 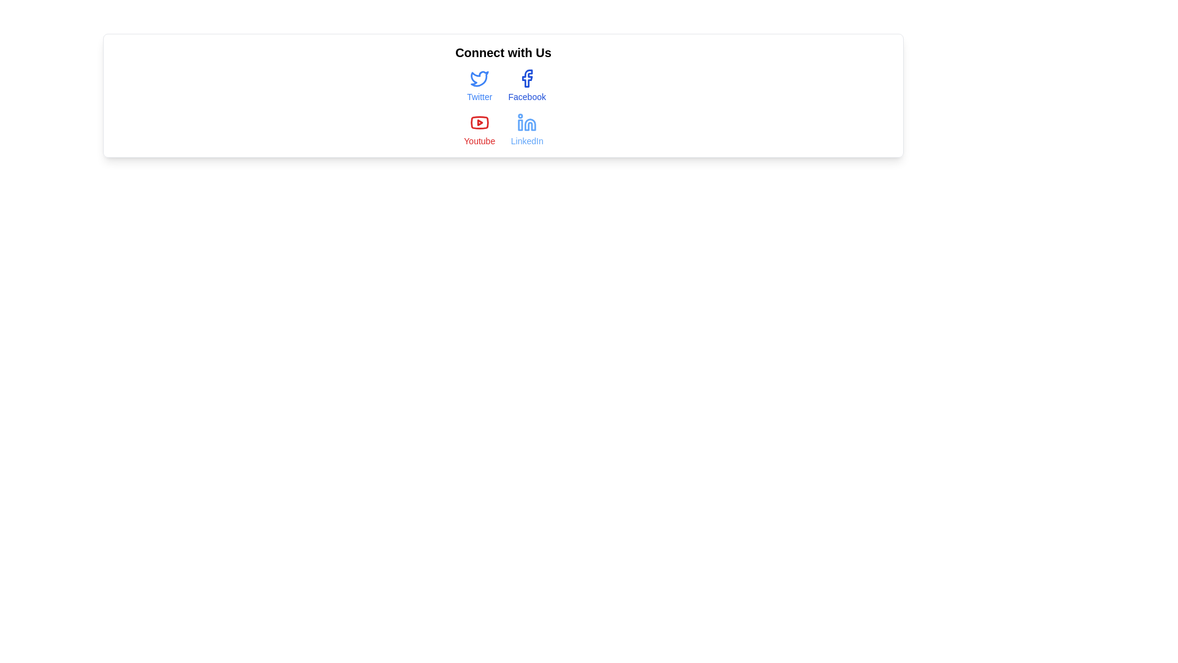 What do you see at coordinates (479, 85) in the screenshot?
I see `the Twitter hyperlink button with an icon and label, which features a blue Twitter logo and the text 'Twitter' below it` at bounding box center [479, 85].